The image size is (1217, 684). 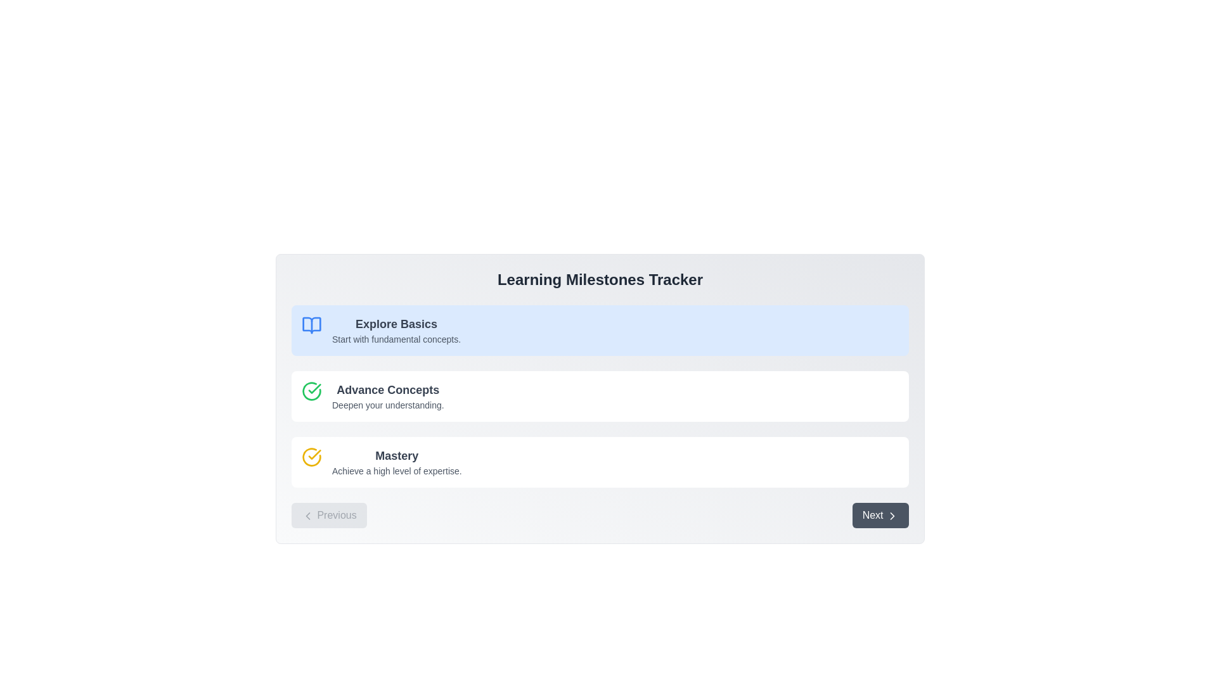 I want to click on the green checkmark icon encased in a circular outline, which symbolizes completion, located to the left of the text 'Advance Concepts' in the middle card-like section, so click(x=311, y=395).